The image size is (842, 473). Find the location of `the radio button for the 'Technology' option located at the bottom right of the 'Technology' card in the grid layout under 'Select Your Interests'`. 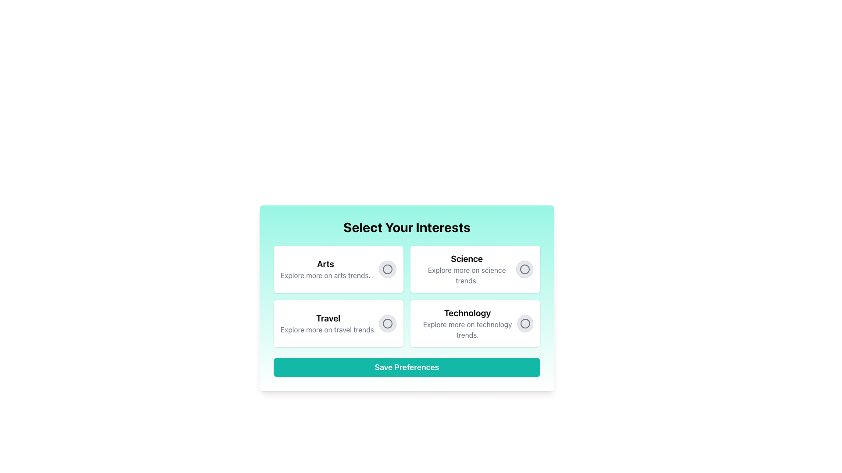

the radio button for the 'Technology' option located at the bottom right of the 'Technology' card in the grid layout under 'Select Your Interests' is located at coordinates (525, 324).